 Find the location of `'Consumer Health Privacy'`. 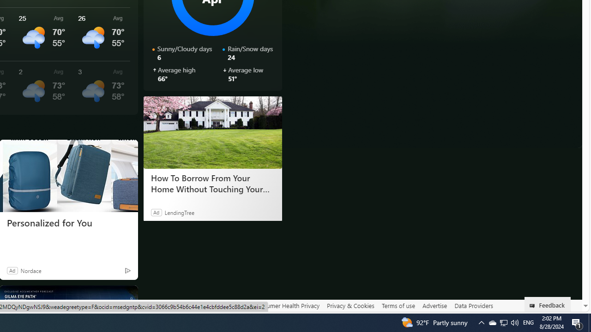

'Consumer Health Privacy' is located at coordinates (286, 306).